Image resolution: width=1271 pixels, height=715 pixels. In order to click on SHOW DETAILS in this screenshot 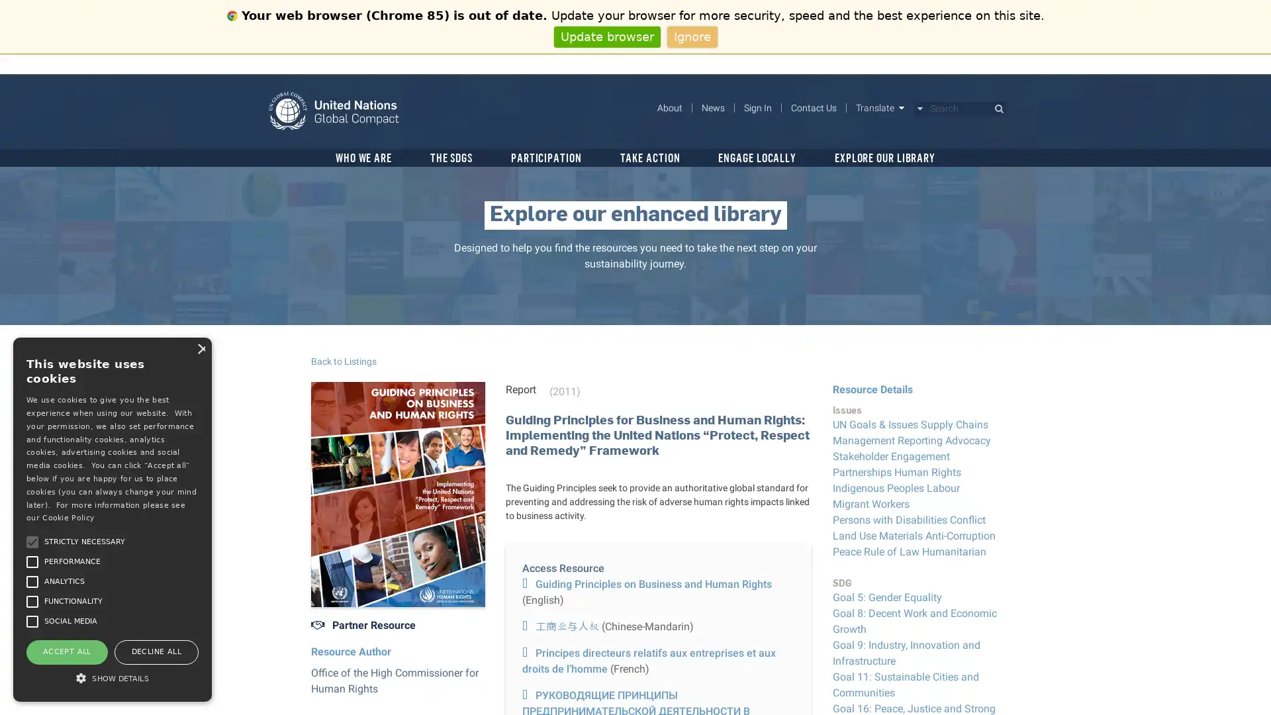, I will do `click(112, 677)`.